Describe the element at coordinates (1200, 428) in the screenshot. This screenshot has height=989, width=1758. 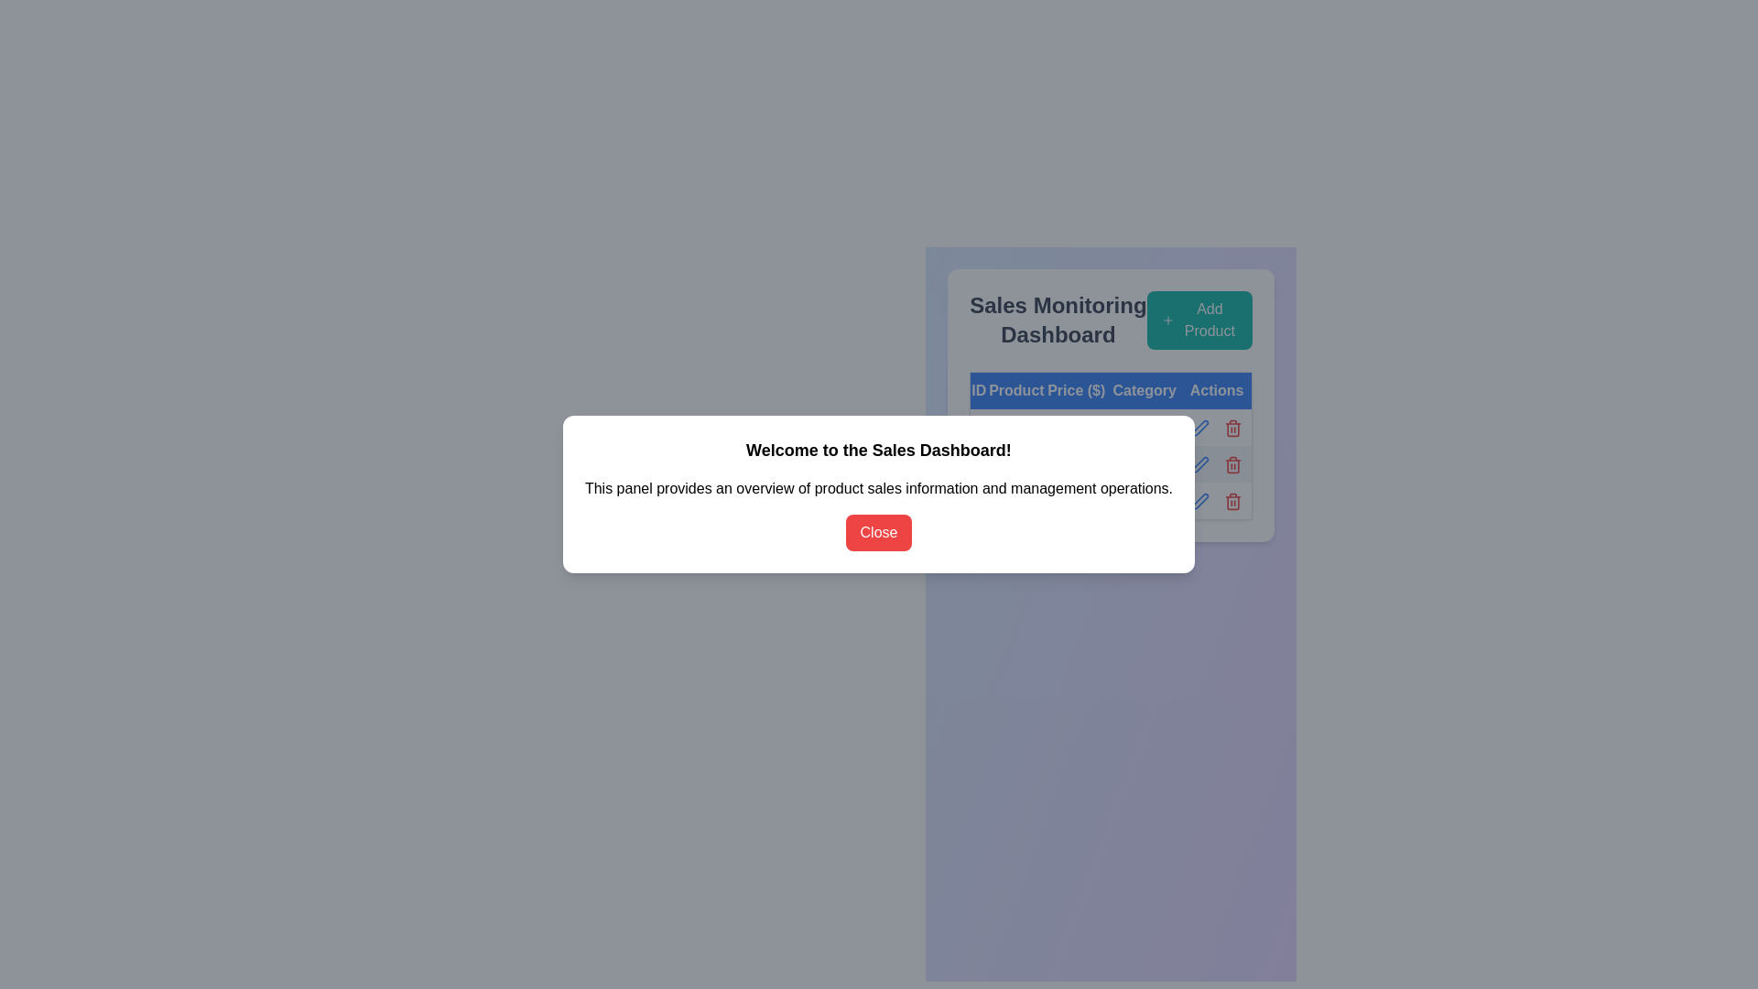
I see `the edit action icon located in the dialog box titled 'Welcome to the Sales Dashboard!' to initiate an edit action` at that location.